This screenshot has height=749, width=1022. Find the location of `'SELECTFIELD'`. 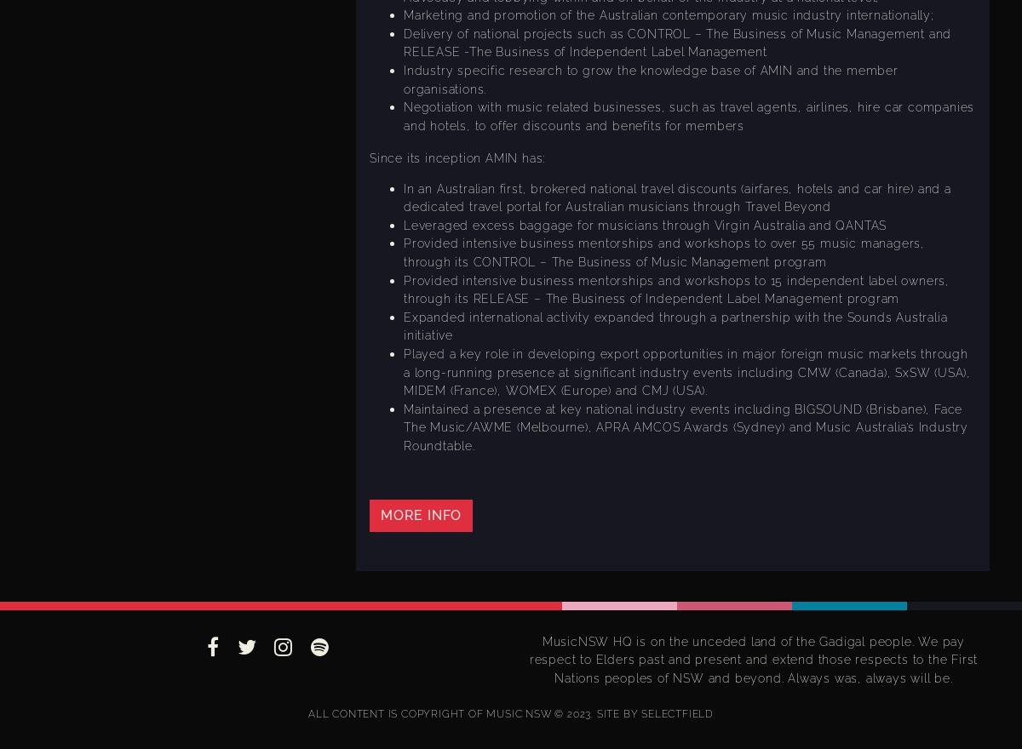

'SELECTFIELD' is located at coordinates (640, 712).